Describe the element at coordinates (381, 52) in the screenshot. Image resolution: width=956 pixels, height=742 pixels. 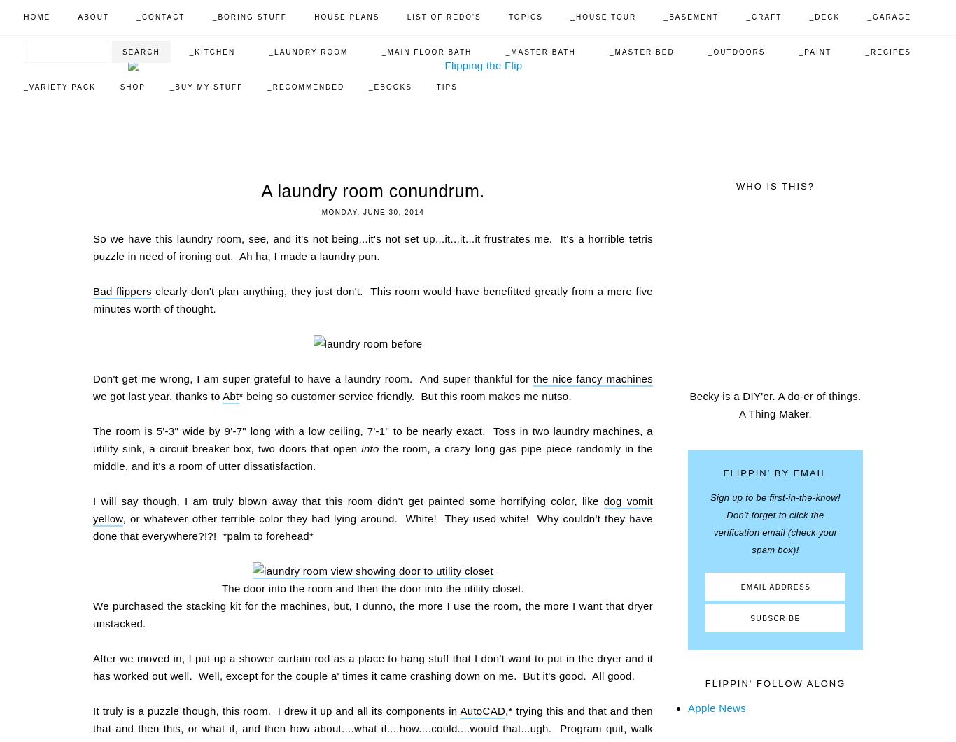
I see `'_Main Floor Bath'` at that location.